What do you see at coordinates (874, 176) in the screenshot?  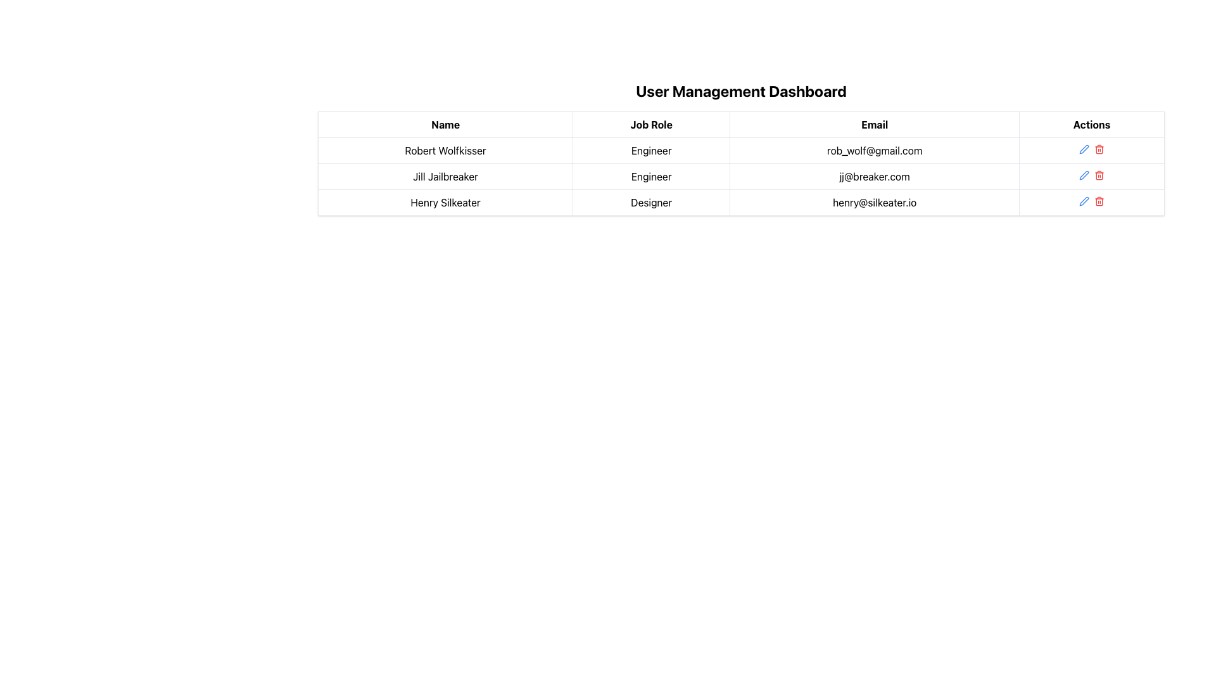 I see `the read-only email text field displaying 'Jill Jailbreaker'` at bounding box center [874, 176].